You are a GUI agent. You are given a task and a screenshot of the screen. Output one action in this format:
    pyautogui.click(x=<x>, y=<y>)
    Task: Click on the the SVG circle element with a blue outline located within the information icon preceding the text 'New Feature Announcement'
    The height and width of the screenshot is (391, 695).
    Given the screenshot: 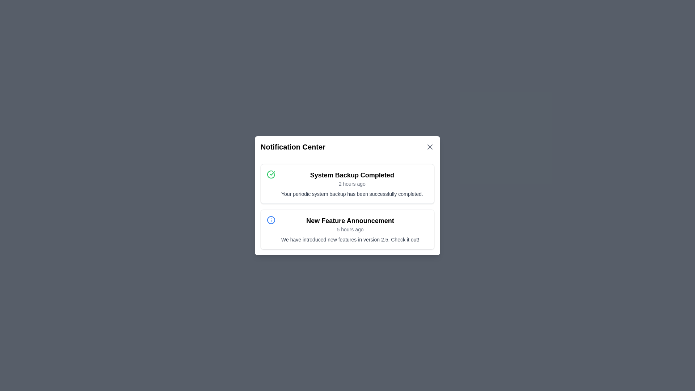 What is the action you would take?
    pyautogui.click(x=270, y=219)
    